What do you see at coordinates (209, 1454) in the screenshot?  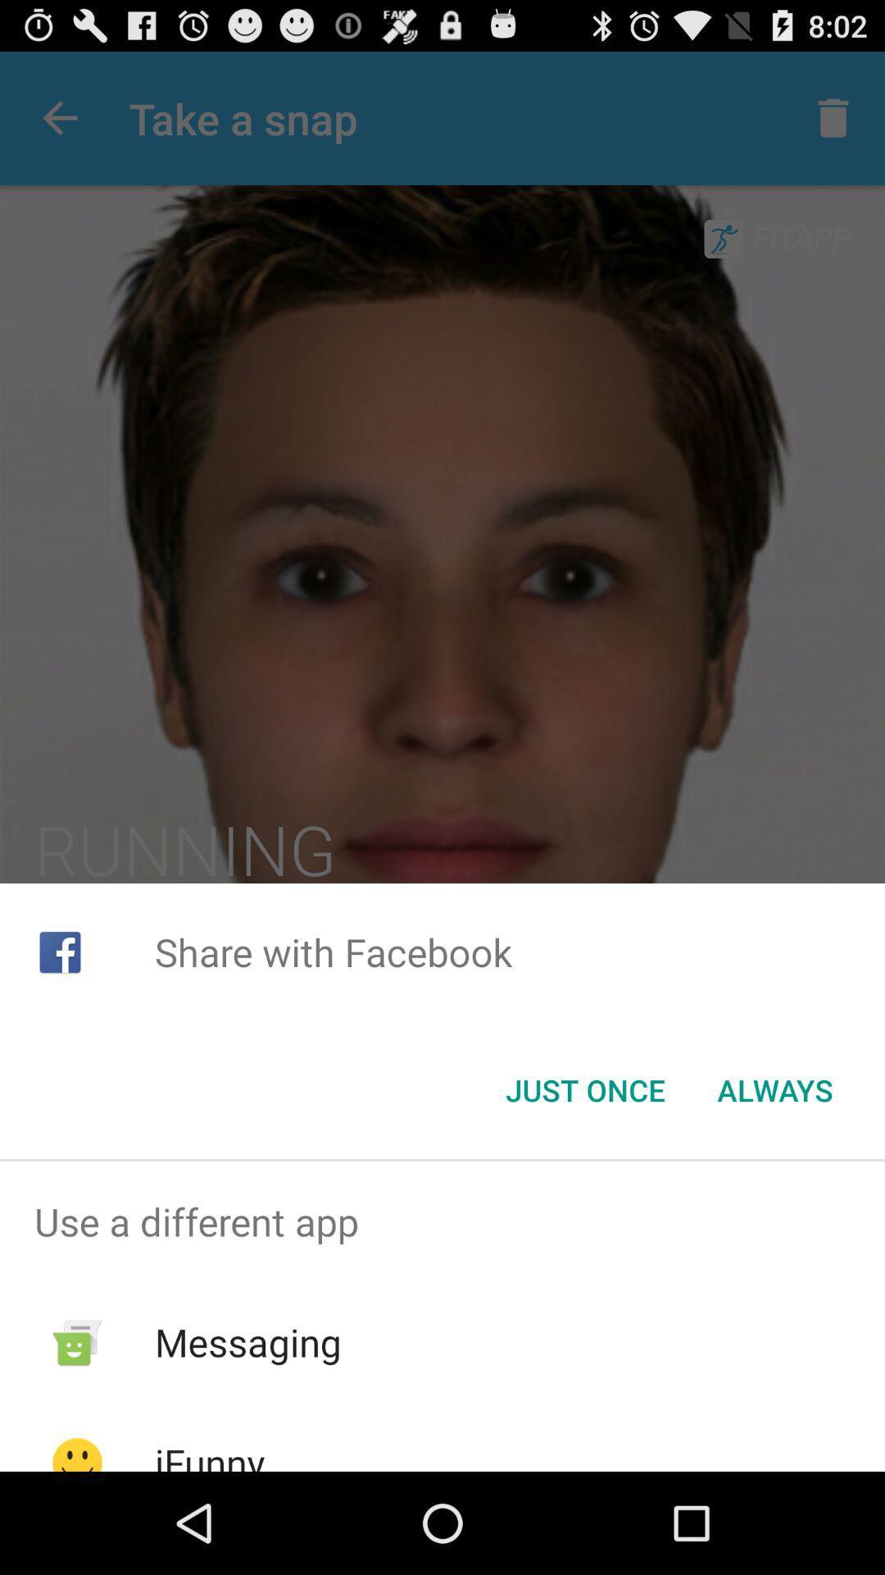 I see `the icon below the messaging item` at bounding box center [209, 1454].